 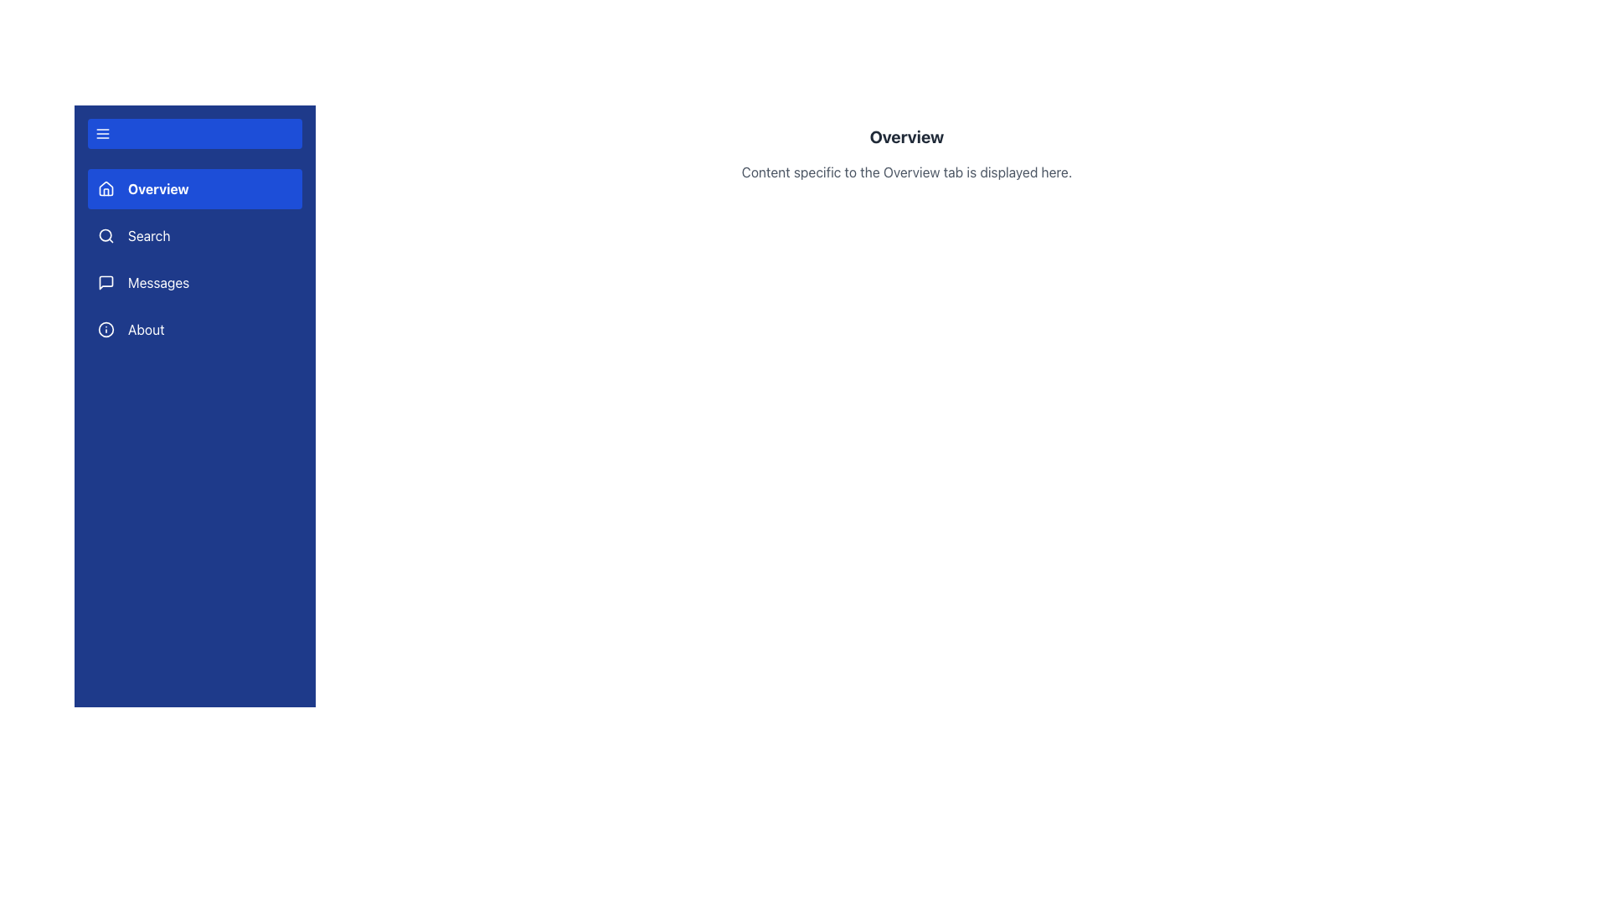 What do you see at coordinates (195, 235) in the screenshot?
I see `the 'Search' navigation menu item, which is the second item in the vertical navigation menu` at bounding box center [195, 235].